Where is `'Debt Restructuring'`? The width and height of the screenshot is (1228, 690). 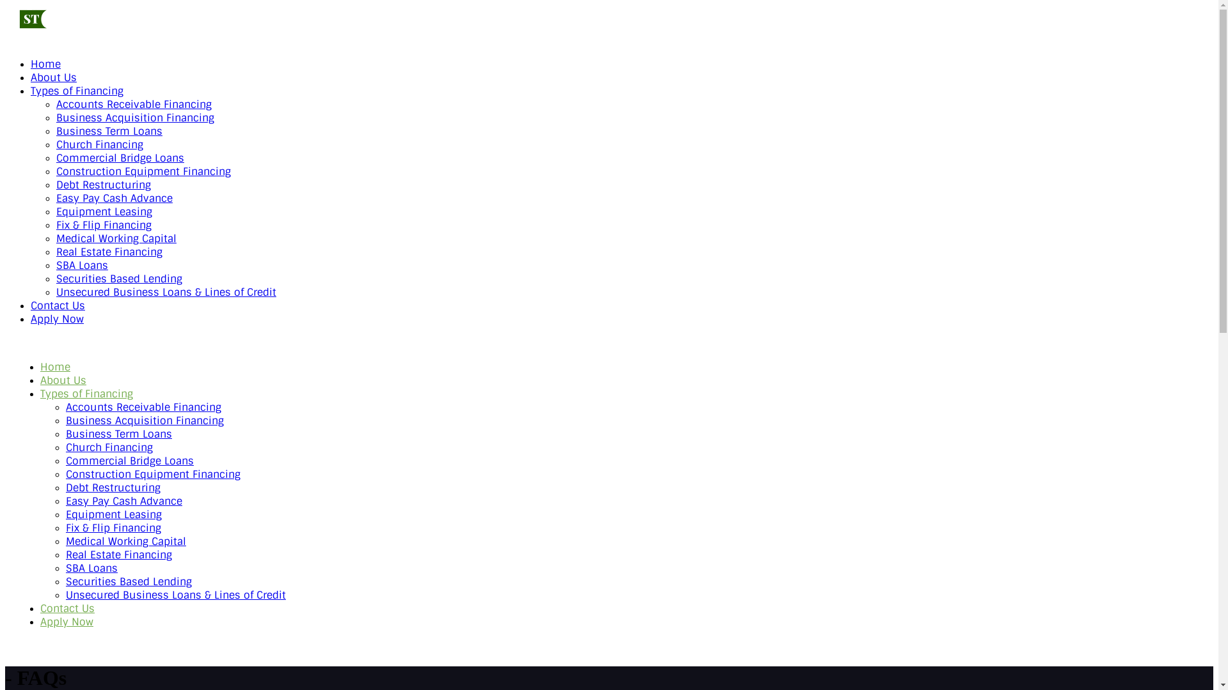 'Debt Restructuring' is located at coordinates (113, 487).